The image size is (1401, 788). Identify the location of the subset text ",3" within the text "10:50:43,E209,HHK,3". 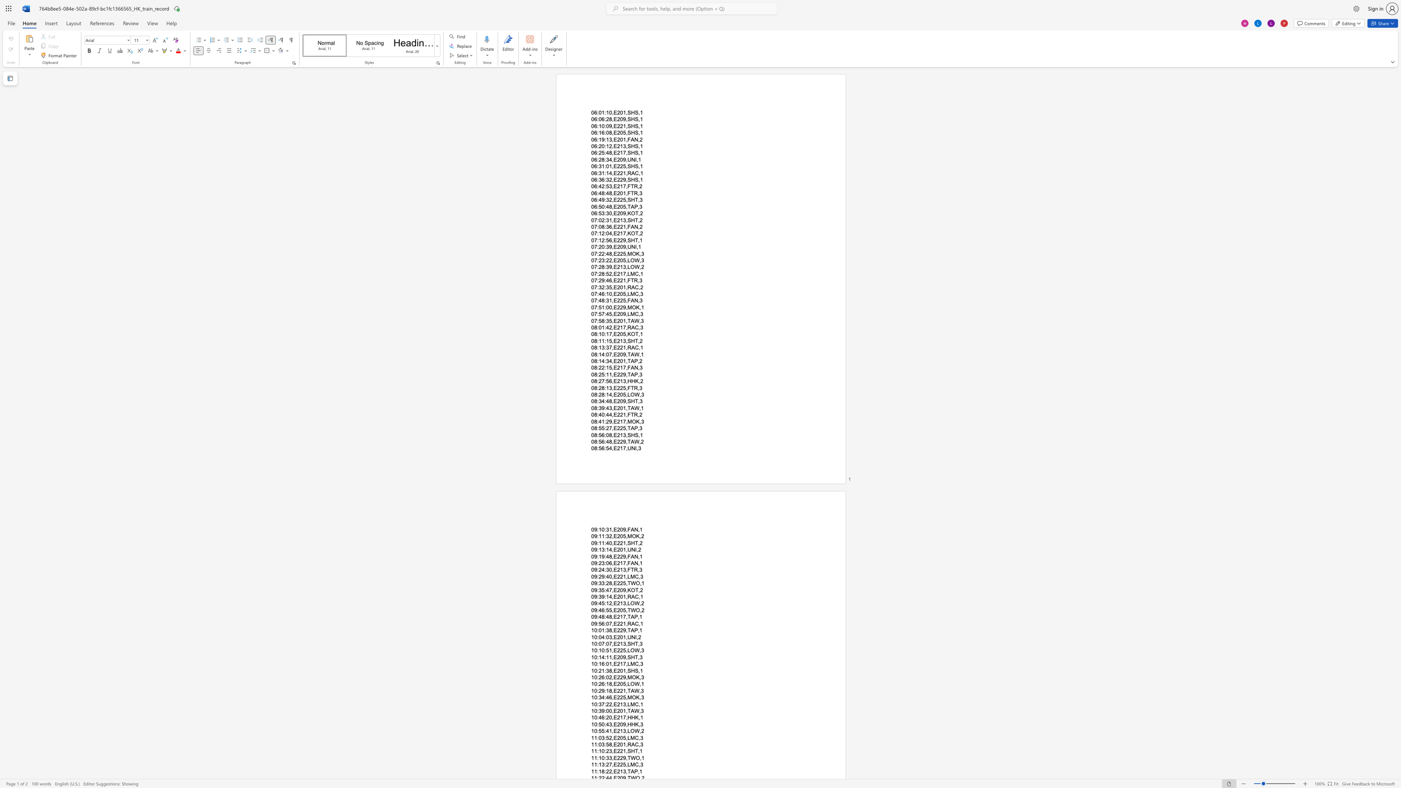
(638, 723).